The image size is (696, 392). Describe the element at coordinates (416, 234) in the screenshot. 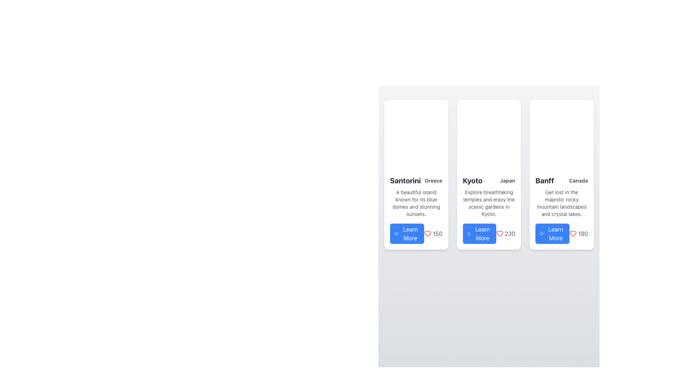

I see `the composite element containing the 'Learn More' button and heart icon` at that location.